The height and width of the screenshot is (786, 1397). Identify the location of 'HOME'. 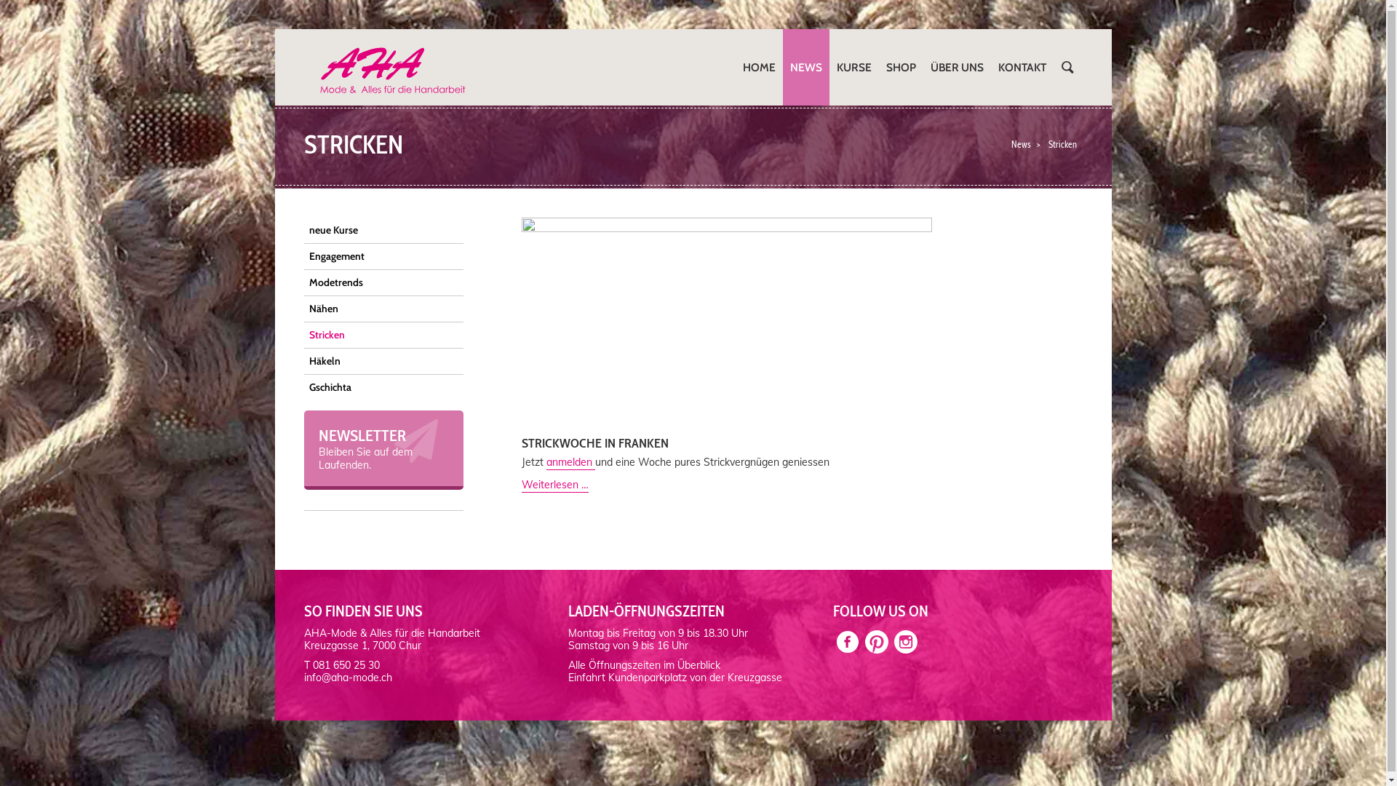
(757, 67).